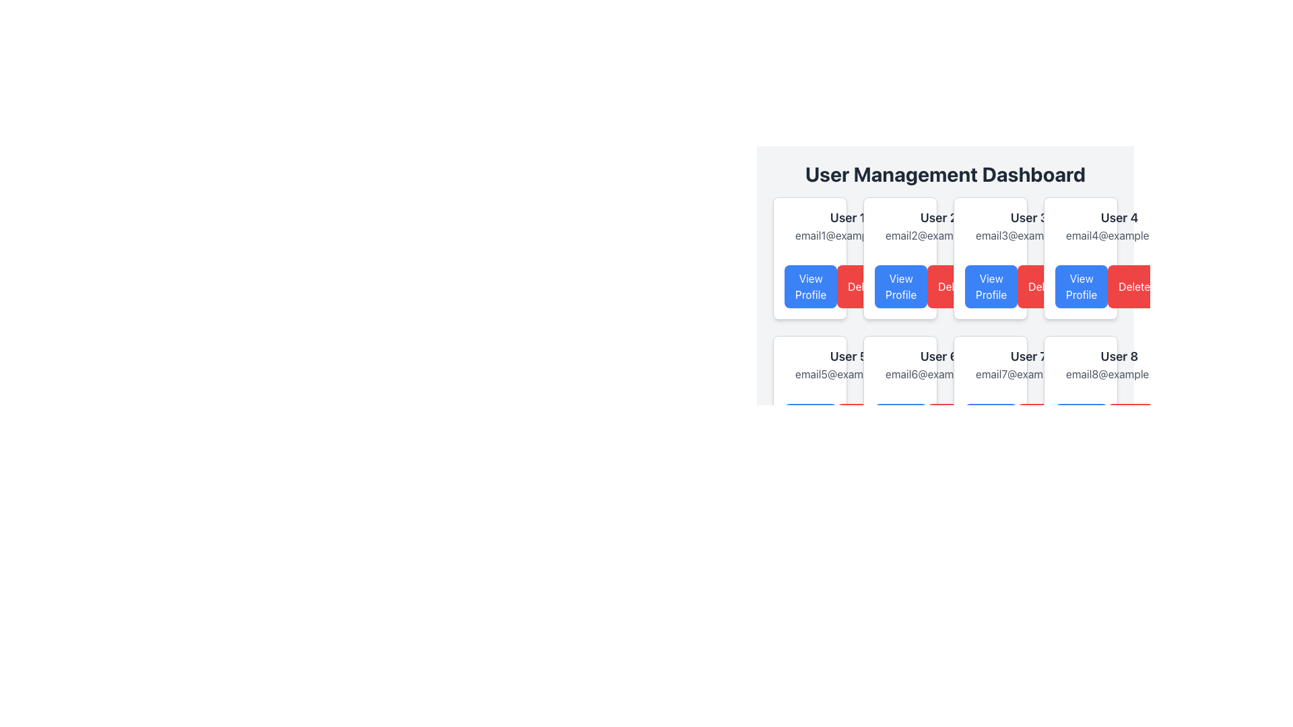 The image size is (1293, 727). What do you see at coordinates (1028, 374) in the screenshot?
I see `the static text field displaying the email address for 'User 7', which is located below the title 'User 7' in the user profile card` at bounding box center [1028, 374].